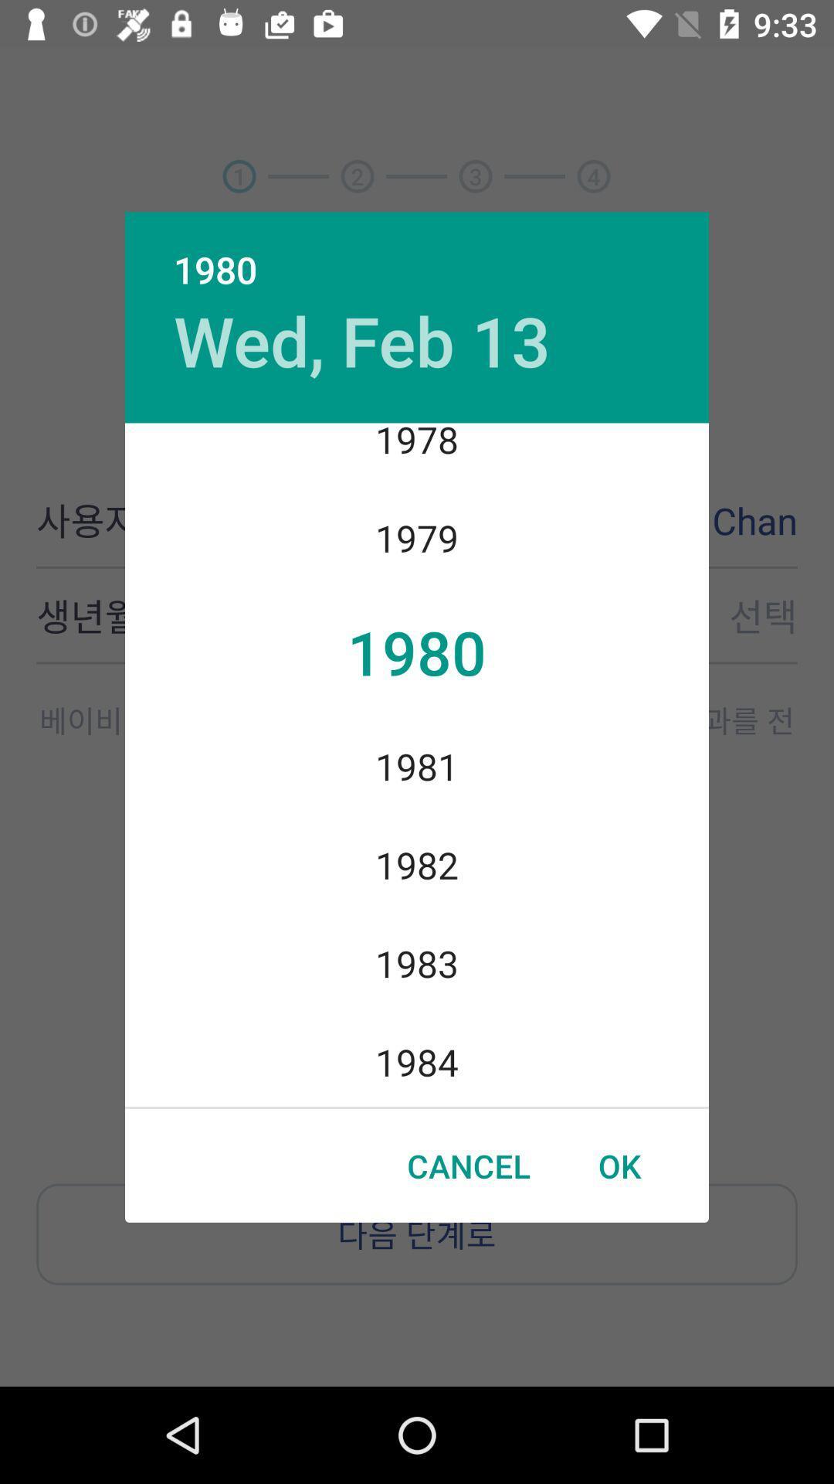 The height and width of the screenshot is (1484, 834). Describe the element at coordinates (619, 1166) in the screenshot. I see `the item below 1984 icon` at that location.